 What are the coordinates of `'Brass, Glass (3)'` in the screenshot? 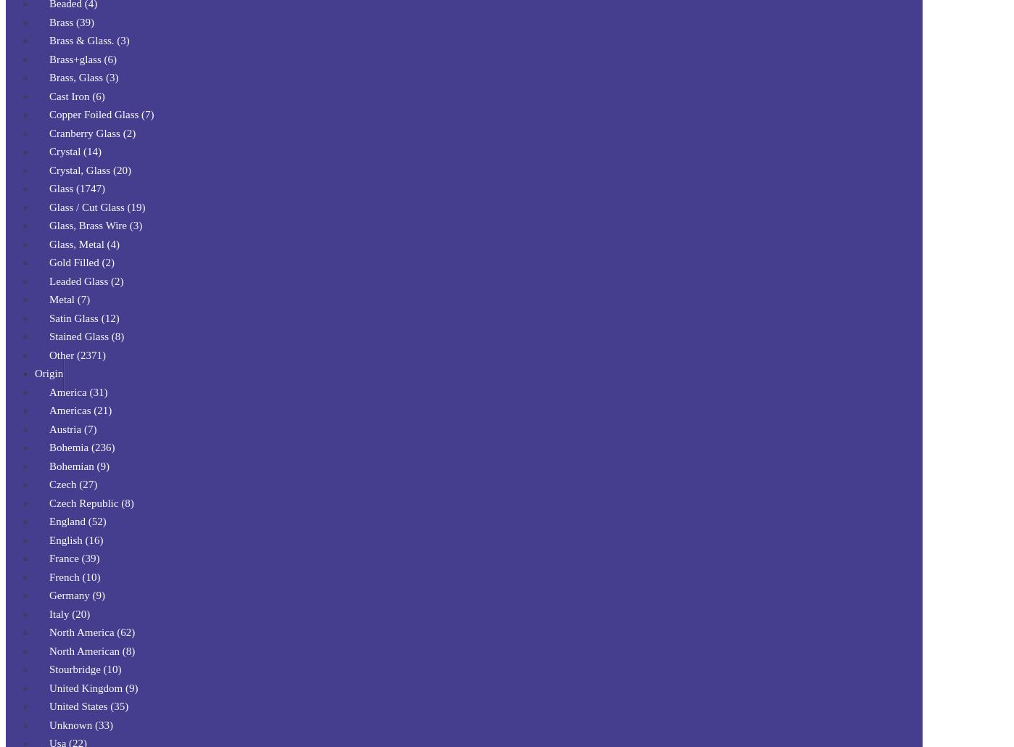 It's located at (83, 77).